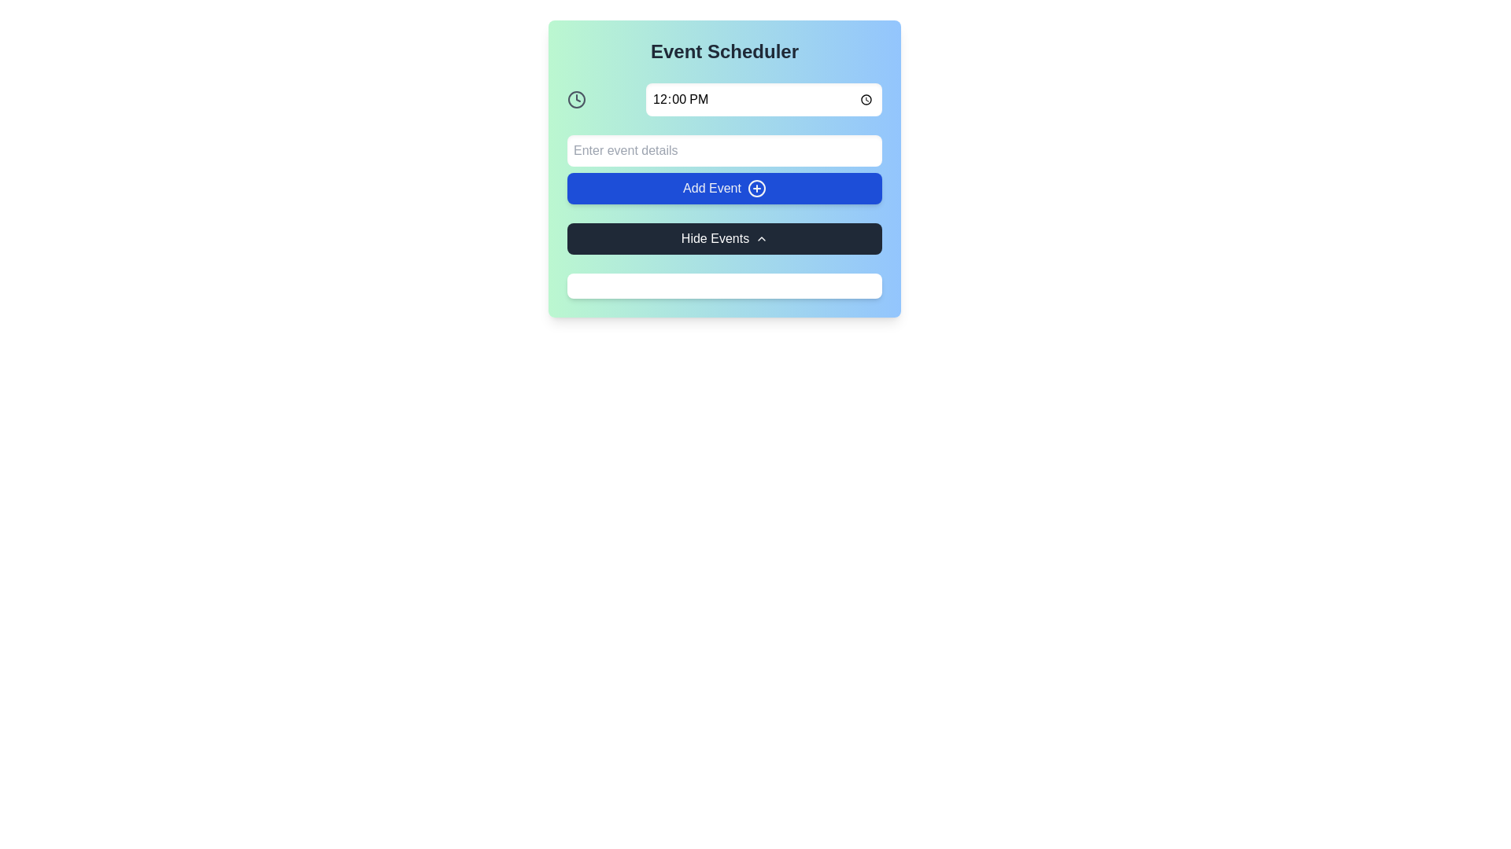 The image size is (1511, 849). What do you see at coordinates (763, 100) in the screenshot?
I see `the Time Input Field that displays '12:00 PM' to input or modify the time` at bounding box center [763, 100].